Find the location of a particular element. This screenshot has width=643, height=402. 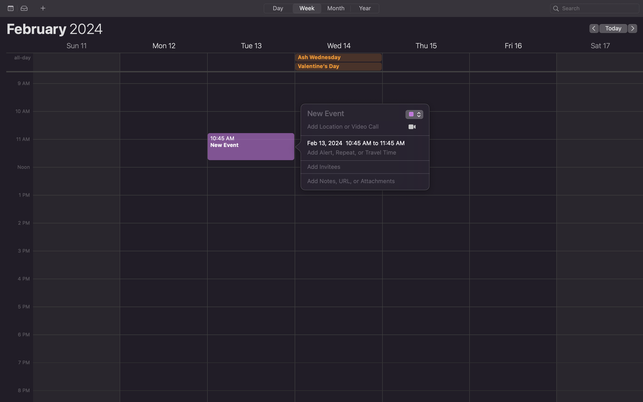

Facetime into the choices for video call applications is located at coordinates (412, 127).